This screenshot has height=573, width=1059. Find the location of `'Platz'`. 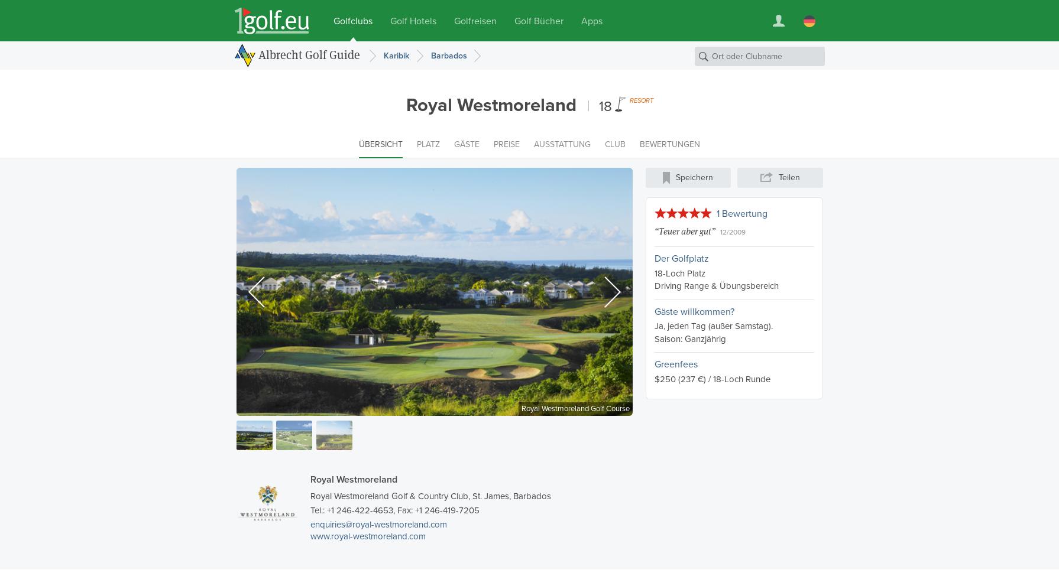

'Platz' is located at coordinates (428, 143).